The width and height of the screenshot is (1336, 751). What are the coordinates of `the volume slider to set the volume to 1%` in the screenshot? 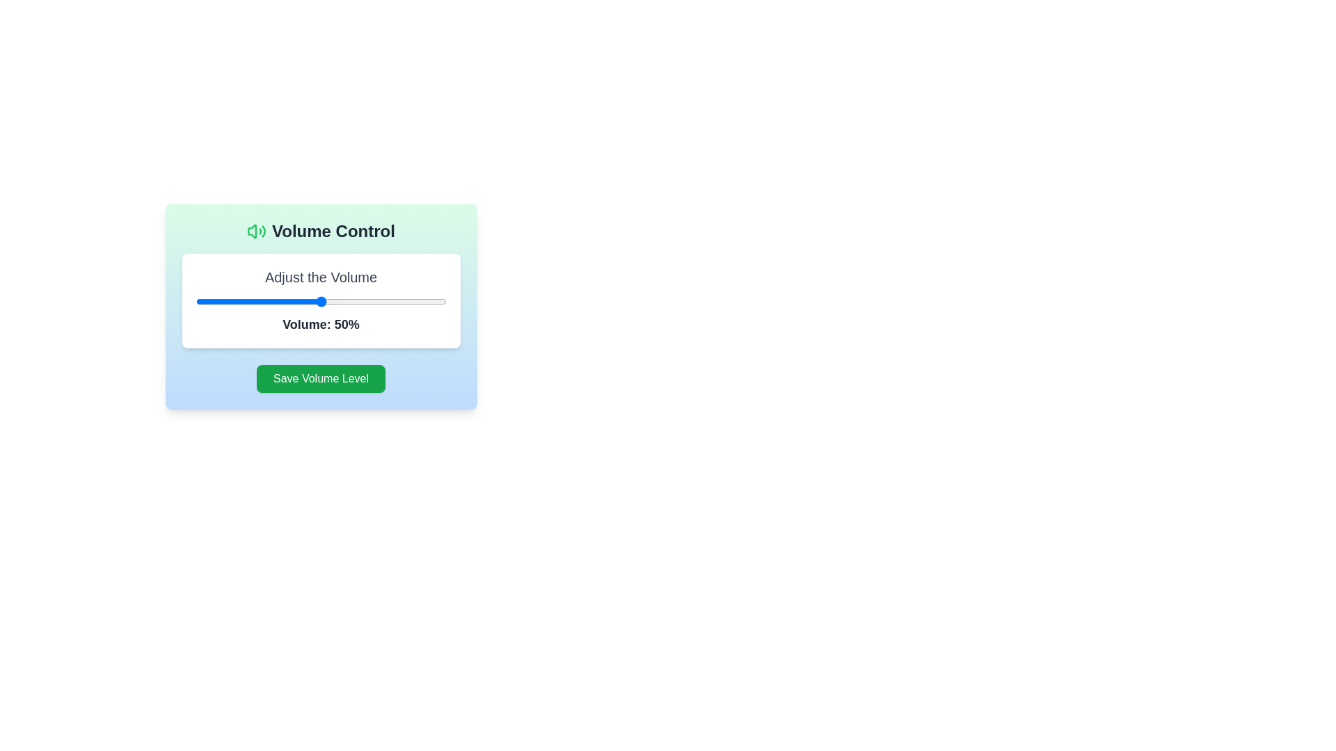 It's located at (198, 301).